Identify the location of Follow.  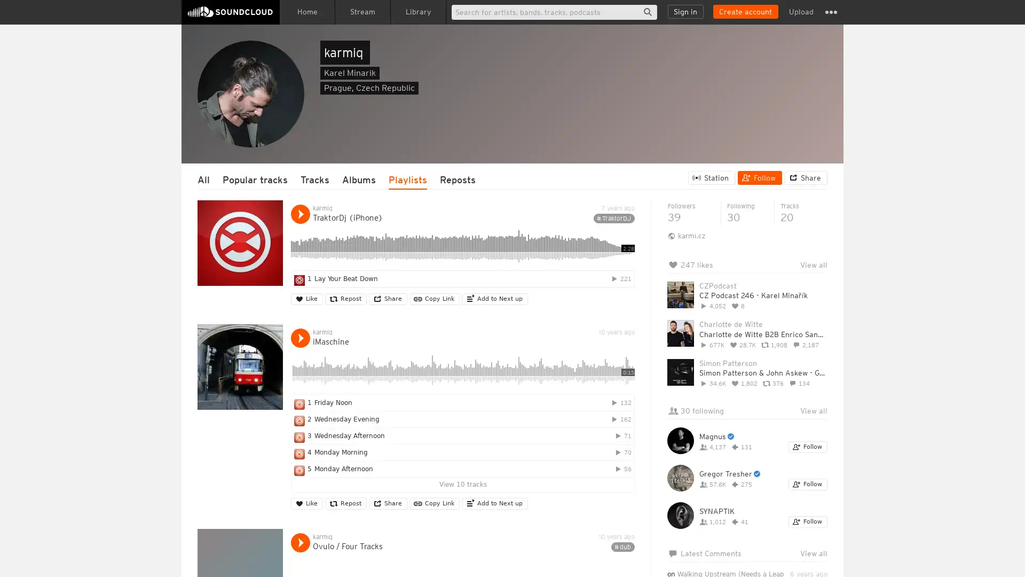
(808, 447).